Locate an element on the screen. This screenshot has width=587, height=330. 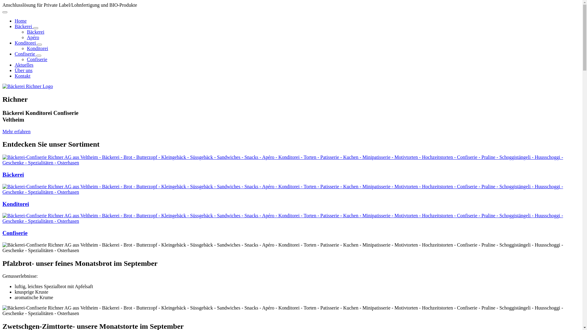
'Konditorei' is located at coordinates (25, 42).